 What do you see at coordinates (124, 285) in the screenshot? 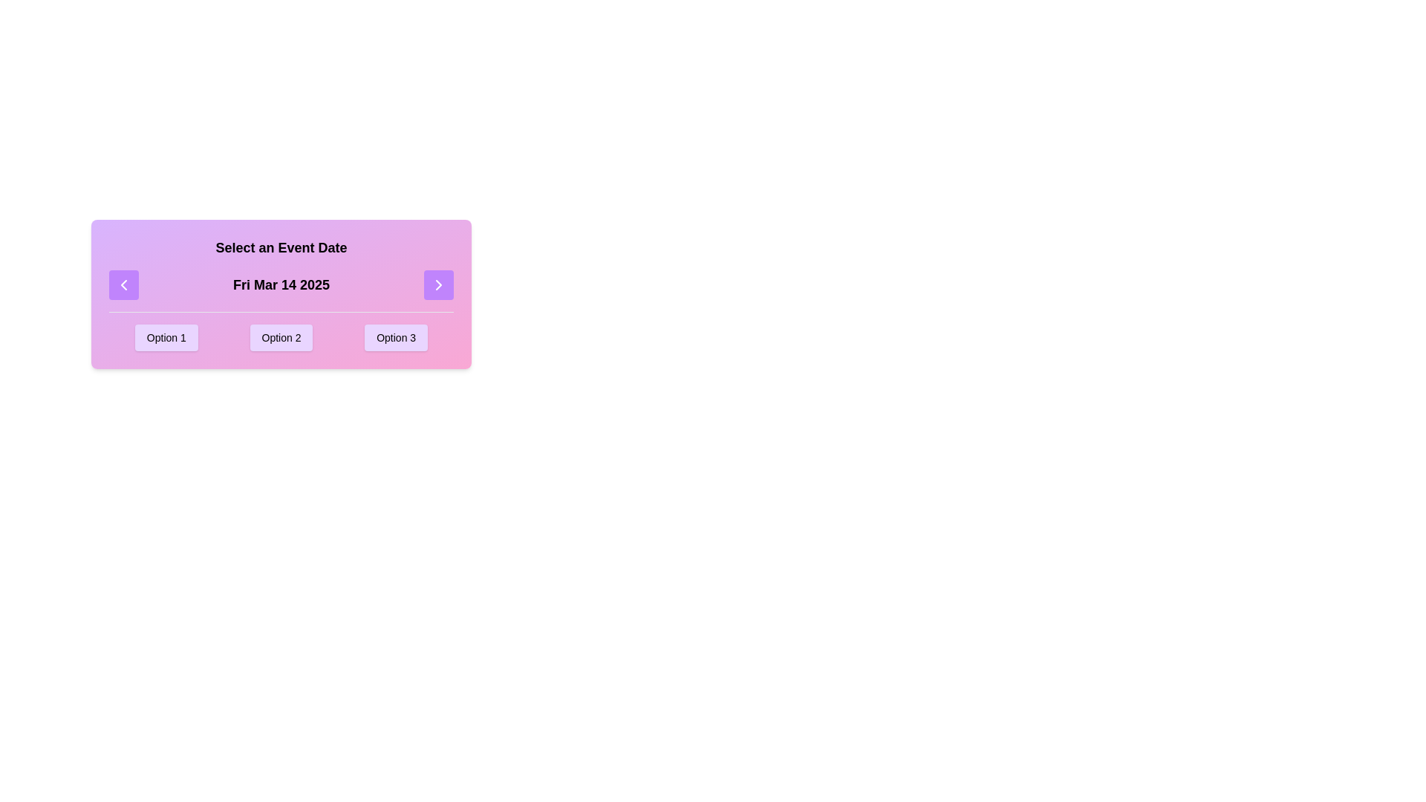
I see `the leftward-facing chevron icon within the square button on the card titled 'Select an Event Date'` at bounding box center [124, 285].